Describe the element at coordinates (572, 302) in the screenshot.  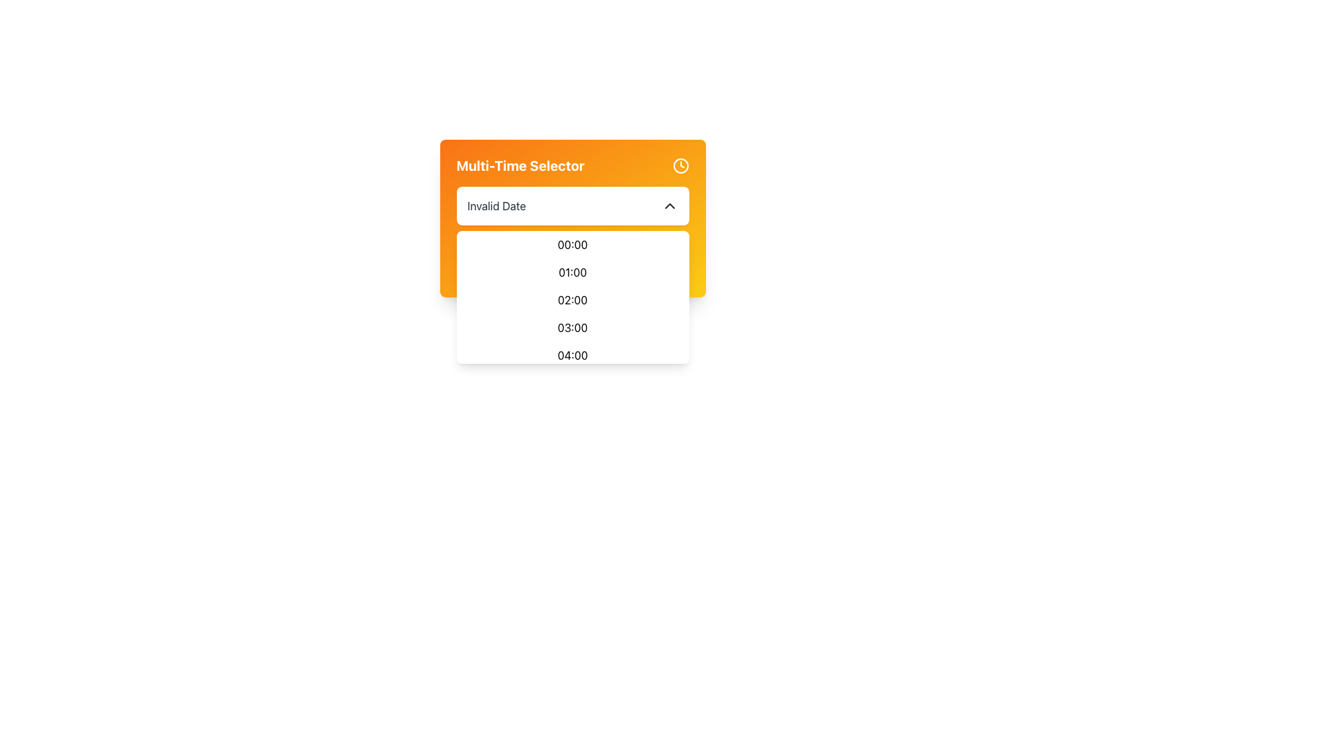
I see `the Dropdown menu located directly below the 'Multi-Time Selector' header` at that location.